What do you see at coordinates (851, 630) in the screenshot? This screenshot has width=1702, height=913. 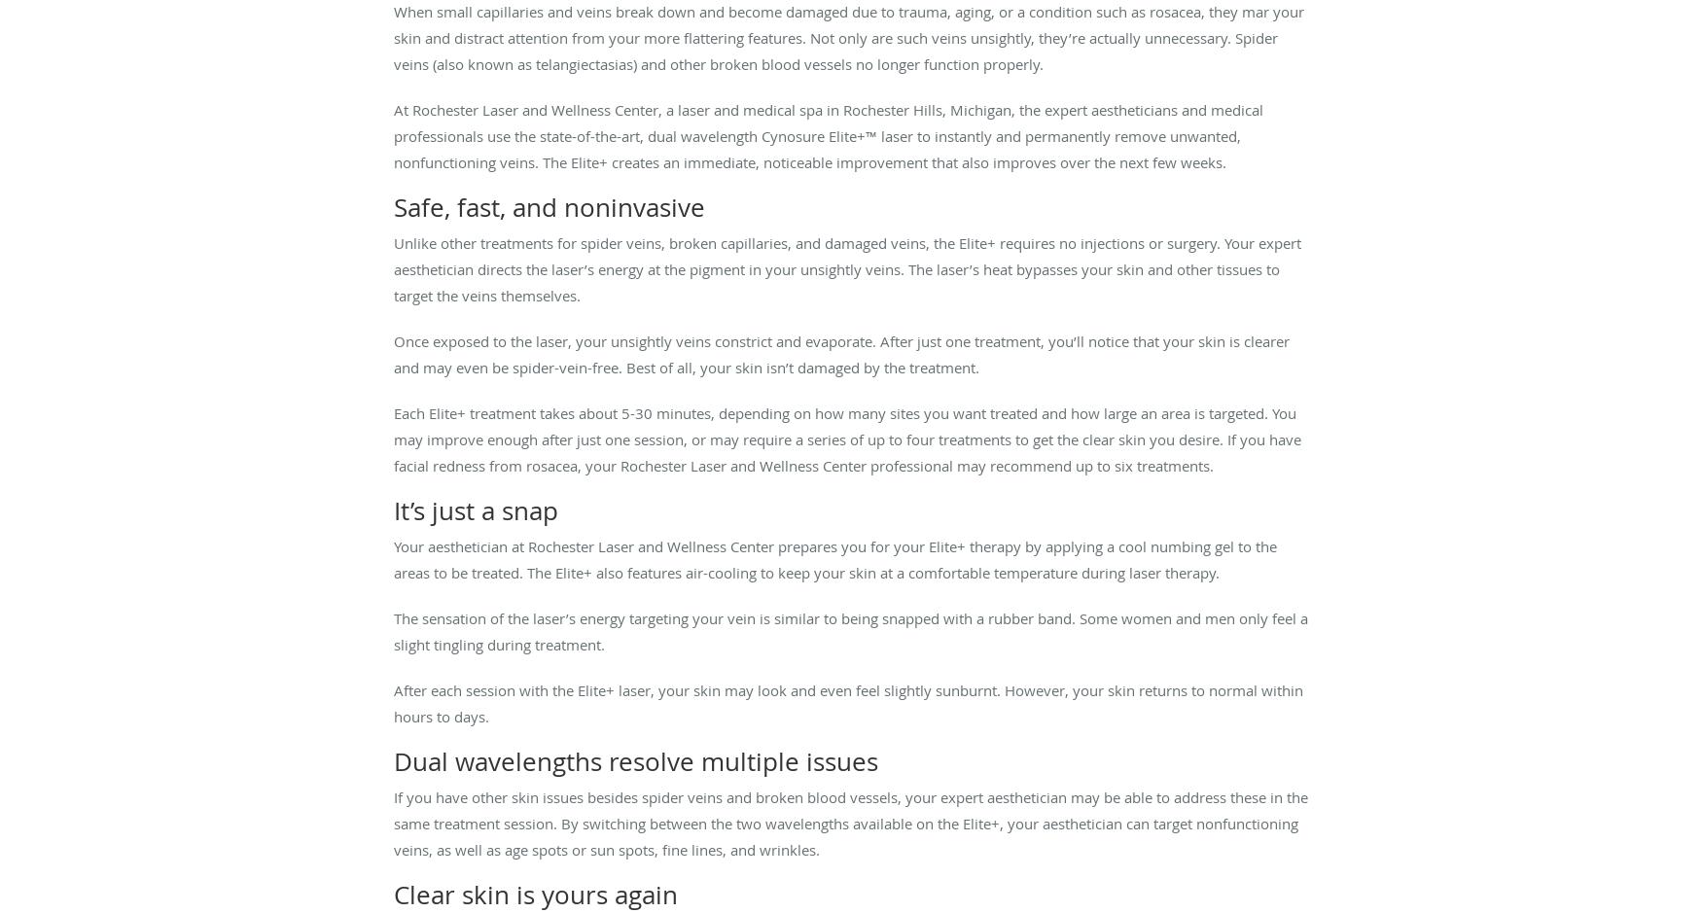 I see `'The sensation of the laser’s energy targeting your vein is similar to being snapped with a rubber band. Some women and men only feel a slight tingling during treatment.'` at bounding box center [851, 630].